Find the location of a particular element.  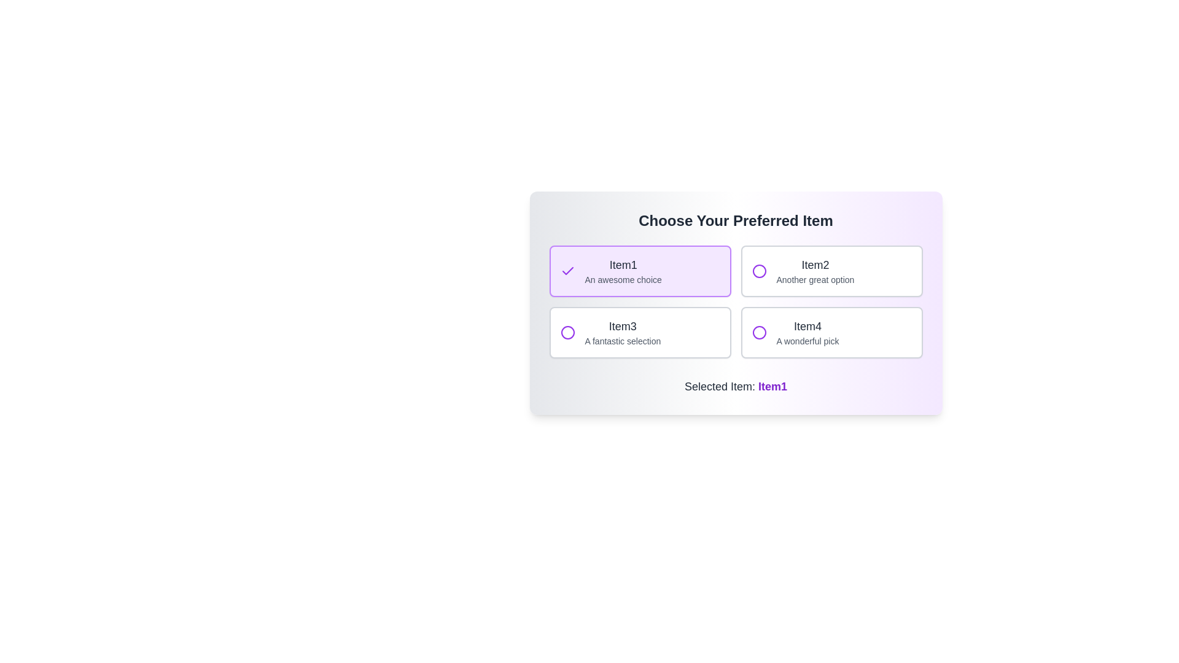

circular radio button indicator located within the fourth option ('Item4') of the selection grid, positioned in the bottom right corner is located at coordinates (758, 333).